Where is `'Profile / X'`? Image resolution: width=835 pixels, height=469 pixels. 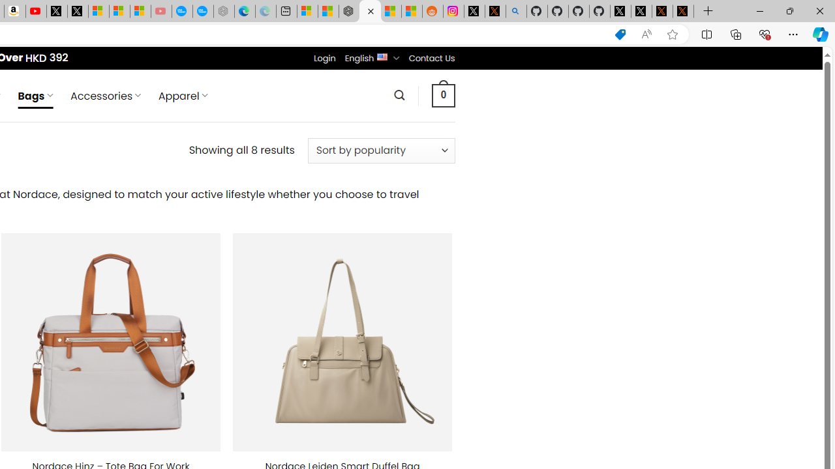
'Profile / X' is located at coordinates (620, 11).